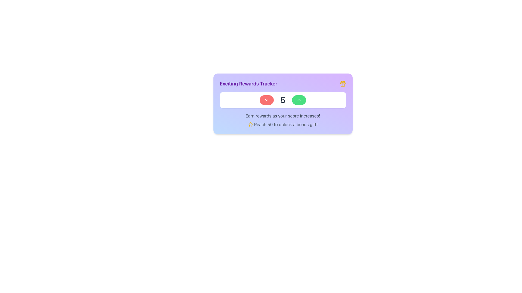 This screenshot has width=522, height=293. Describe the element at coordinates (342, 83) in the screenshot. I see `the visual decorative element that serves as a separator within the gift icon, located in the upper-middle section of the icon` at that location.